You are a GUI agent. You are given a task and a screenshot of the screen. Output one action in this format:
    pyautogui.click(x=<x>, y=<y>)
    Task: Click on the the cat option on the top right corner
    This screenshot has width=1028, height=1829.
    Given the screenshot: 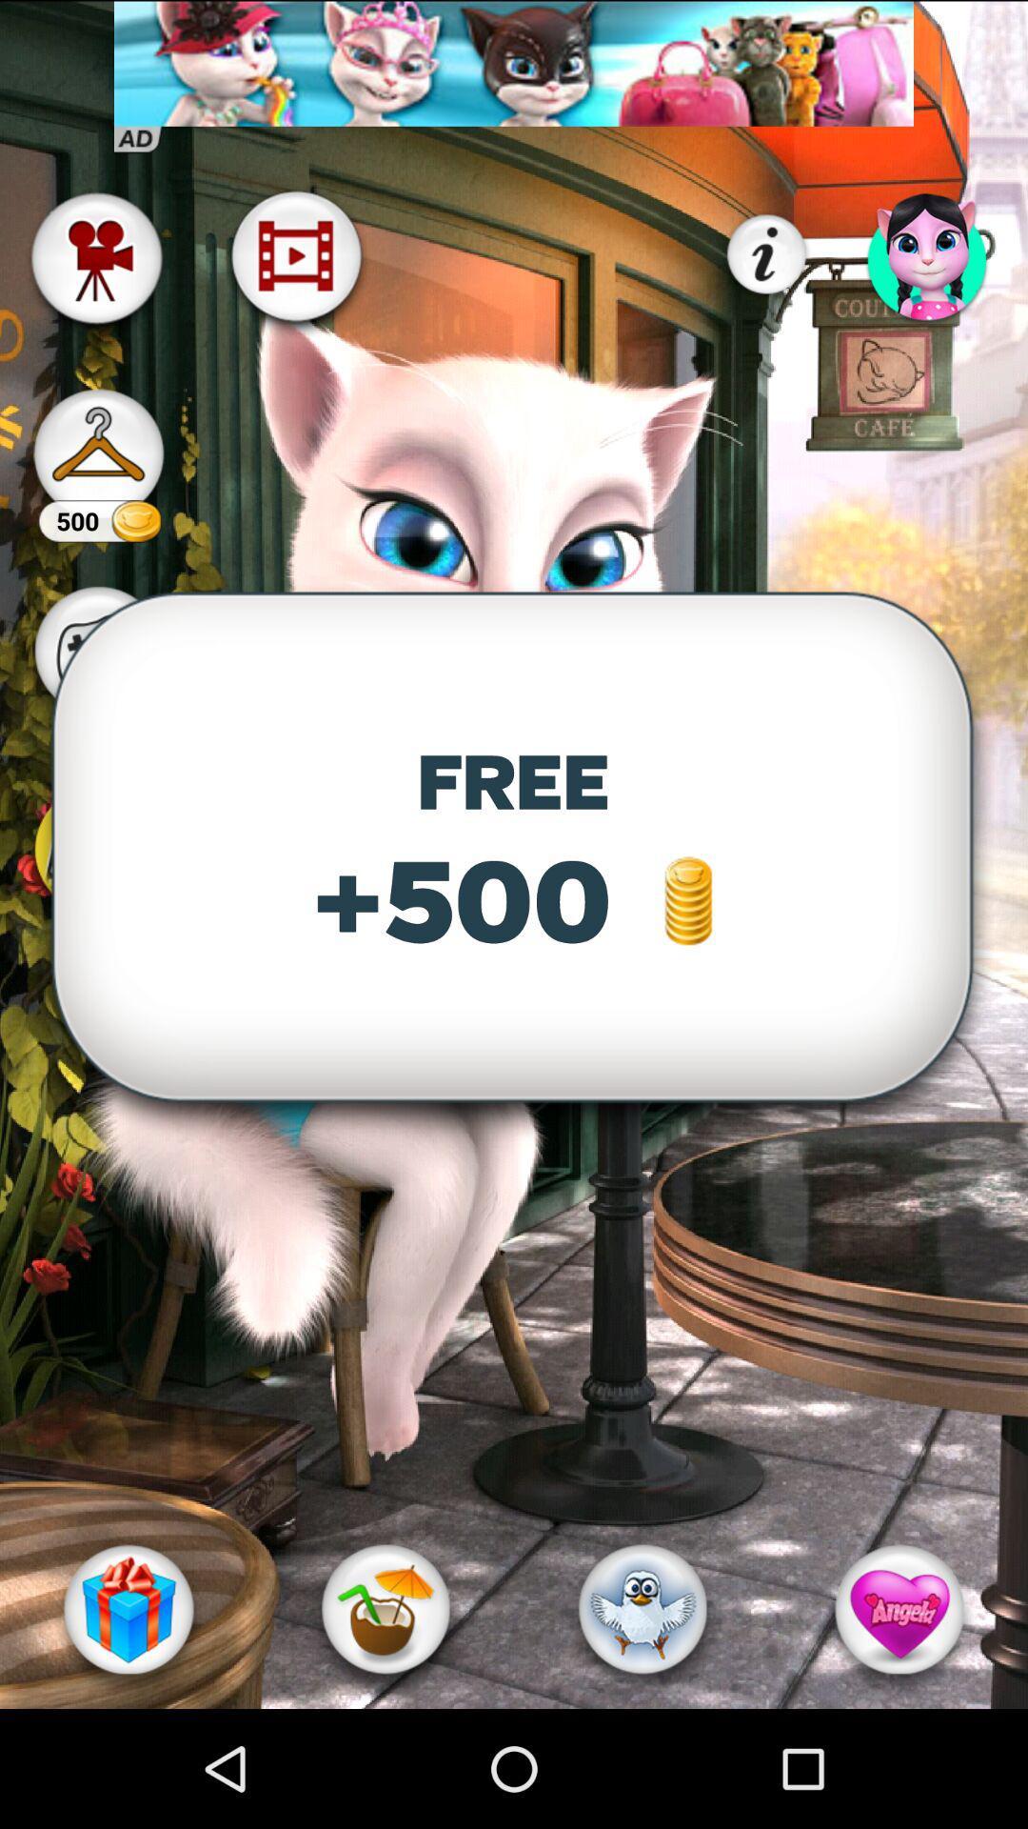 What is the action you would take?
    pyautogui.click(x=927, y=254)
    